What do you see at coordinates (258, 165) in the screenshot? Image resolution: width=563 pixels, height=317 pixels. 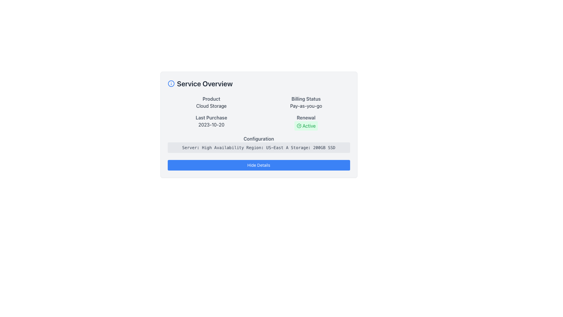 I see `the 'Hide Details' button, which is a rectangular button with a blue background and white text located at the bottom of a card layout` at bounding box center [258, 165].